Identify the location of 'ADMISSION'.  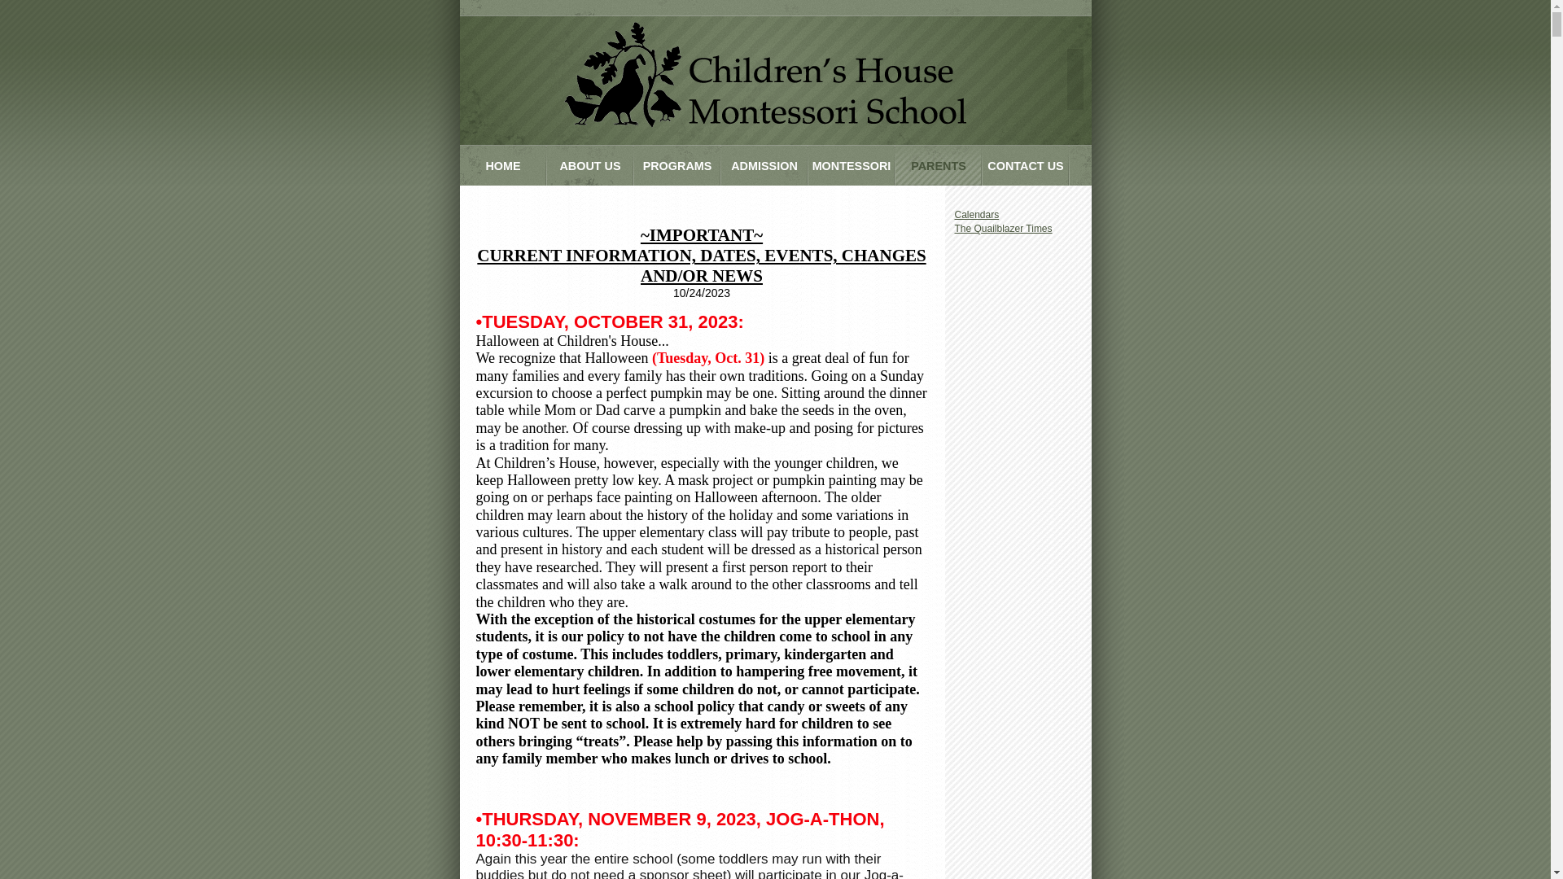
(720, 165).